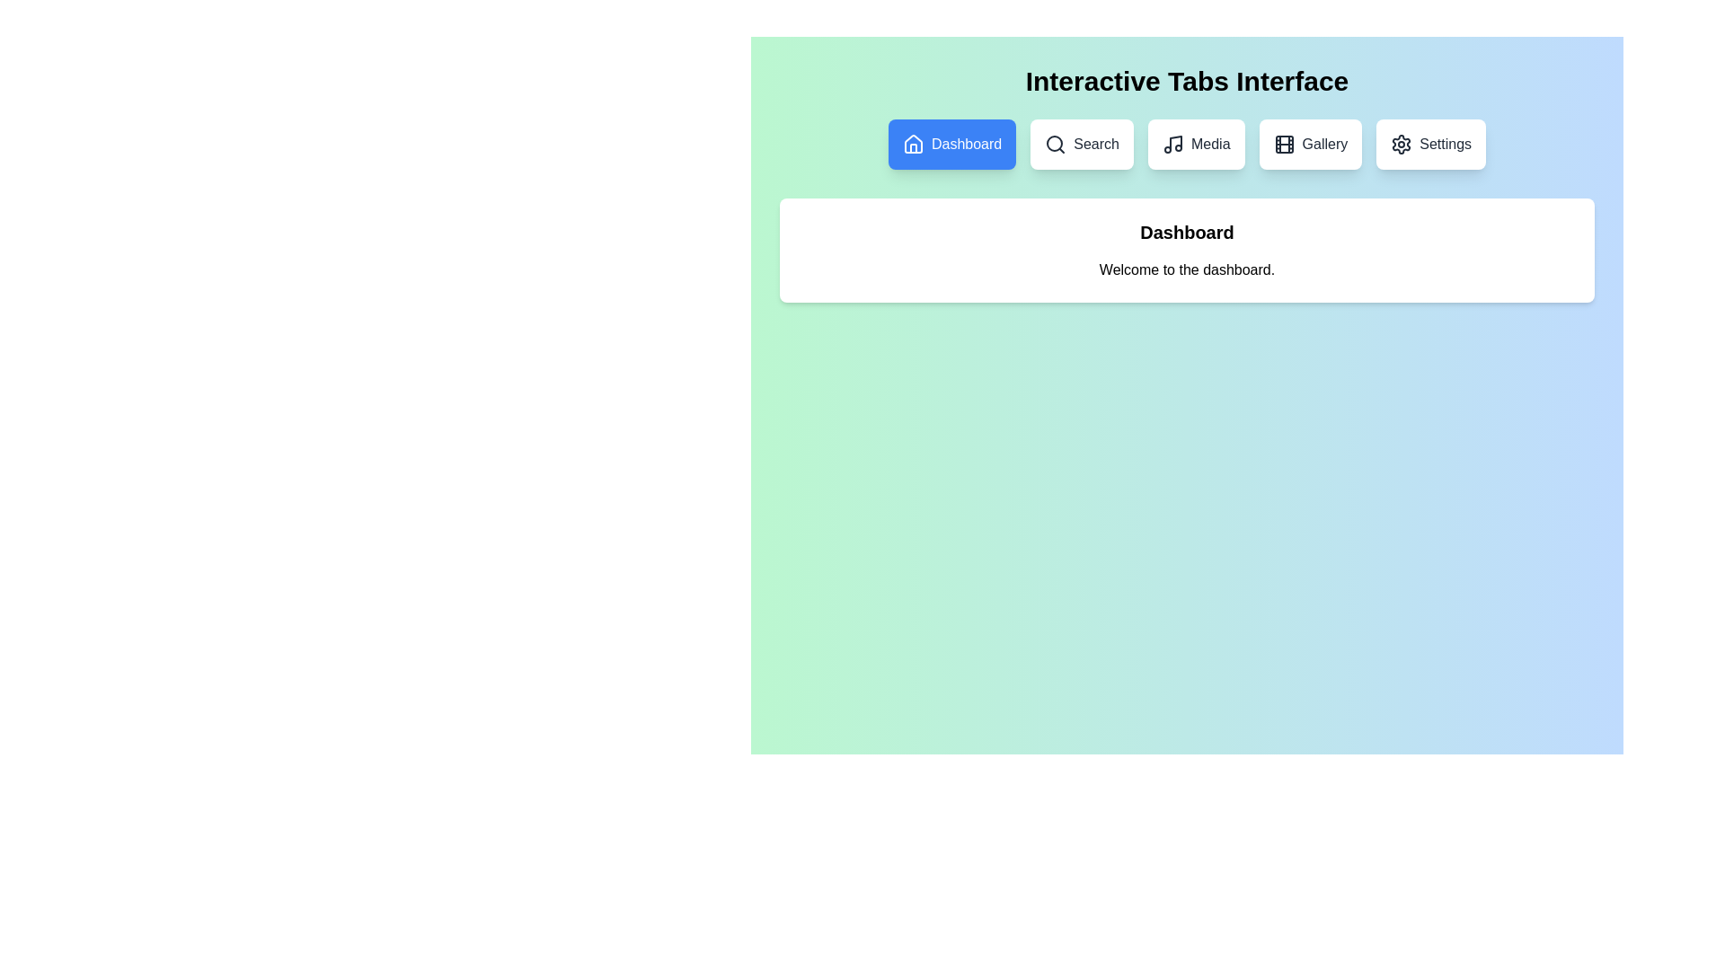  Describe the element at coordinates (914, 147) in the screenshot. I see `the decorative graphic element representing the door in the house icon, located at the center-bottom area of the SVG icon` at that location.